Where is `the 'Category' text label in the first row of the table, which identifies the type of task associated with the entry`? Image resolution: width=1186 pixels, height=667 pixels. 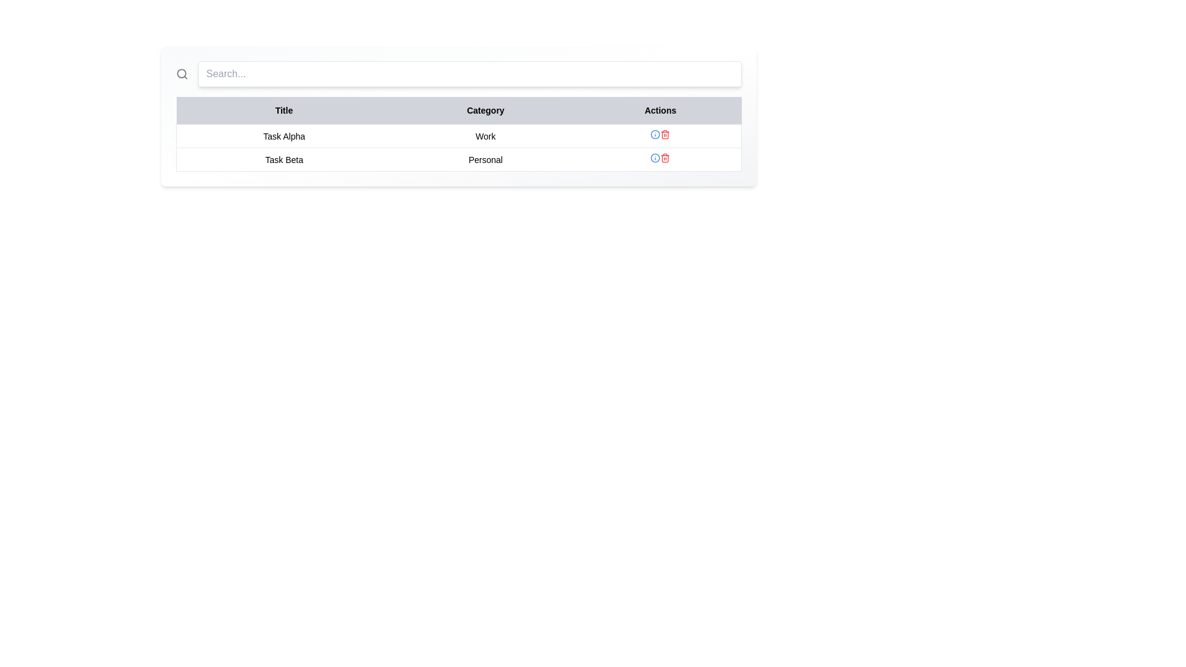
the 'Category' text label in the first row of the table, which identifies the type of task associated with the entry is located at coordinates (485, 136).